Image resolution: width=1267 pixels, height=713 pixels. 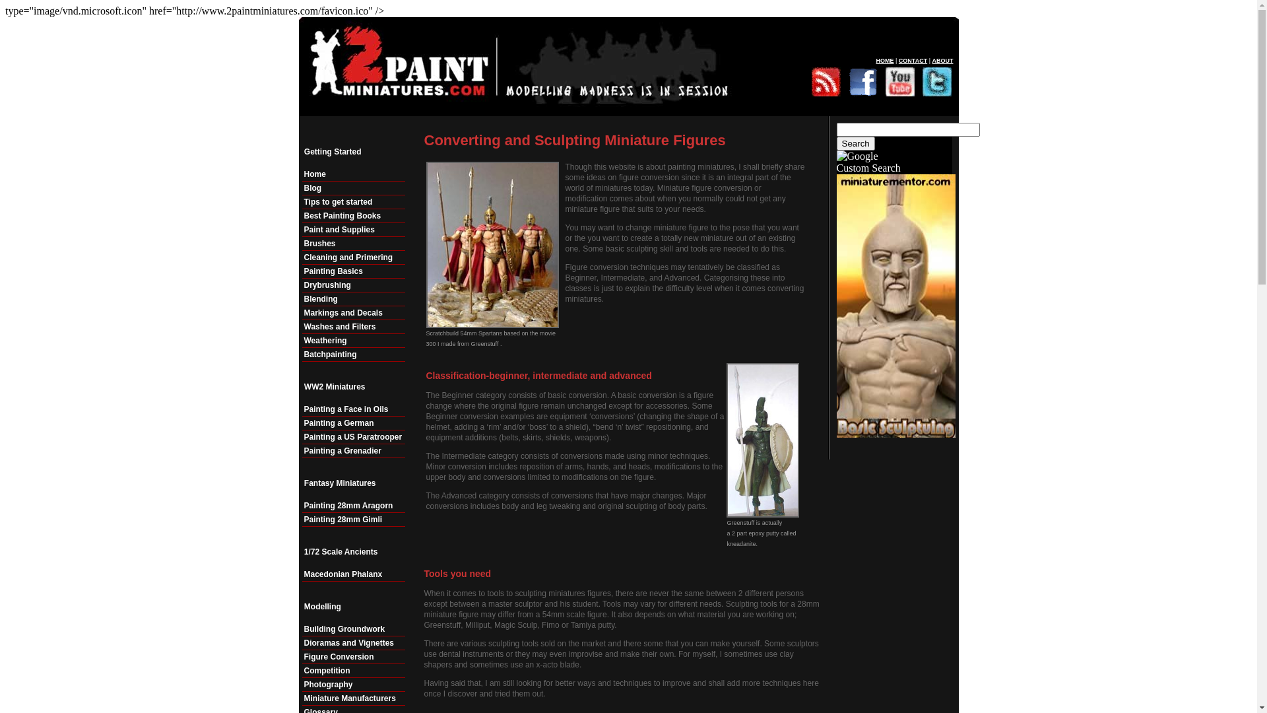 What do you see at coordinates (912, 61) in the screenshot?
I see `'CONTACT'` at bounding box center [912, 61].